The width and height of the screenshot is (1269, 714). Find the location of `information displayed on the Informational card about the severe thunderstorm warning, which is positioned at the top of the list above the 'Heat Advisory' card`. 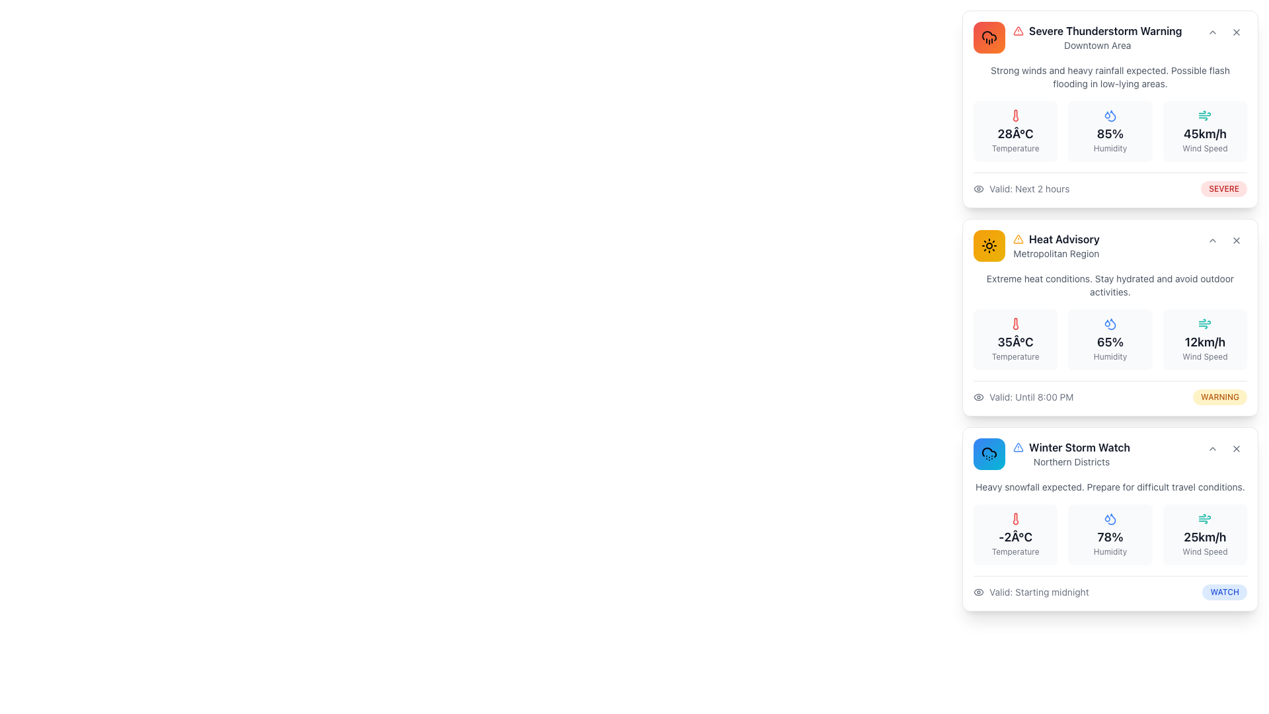

information displayed on the Informational card about the severe thunderstorm warning, which is positioned at the top of the list above the 'Heat Advisory' card is located at coordinates (1110, 108).